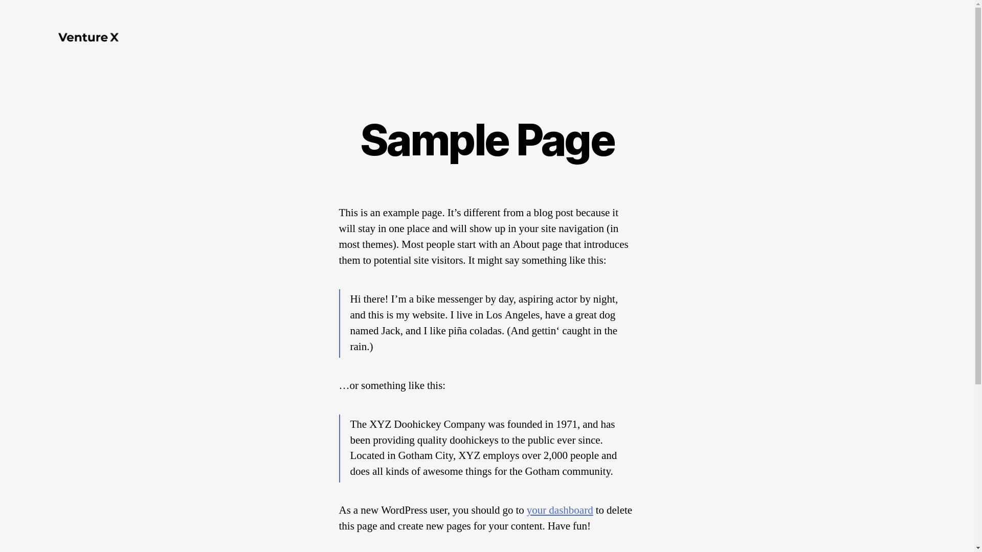 This screenshot has height=552, width=982. Describe the element at coordinates (559, 510) in the screenshot. I see `'your dashboard'` at that location.